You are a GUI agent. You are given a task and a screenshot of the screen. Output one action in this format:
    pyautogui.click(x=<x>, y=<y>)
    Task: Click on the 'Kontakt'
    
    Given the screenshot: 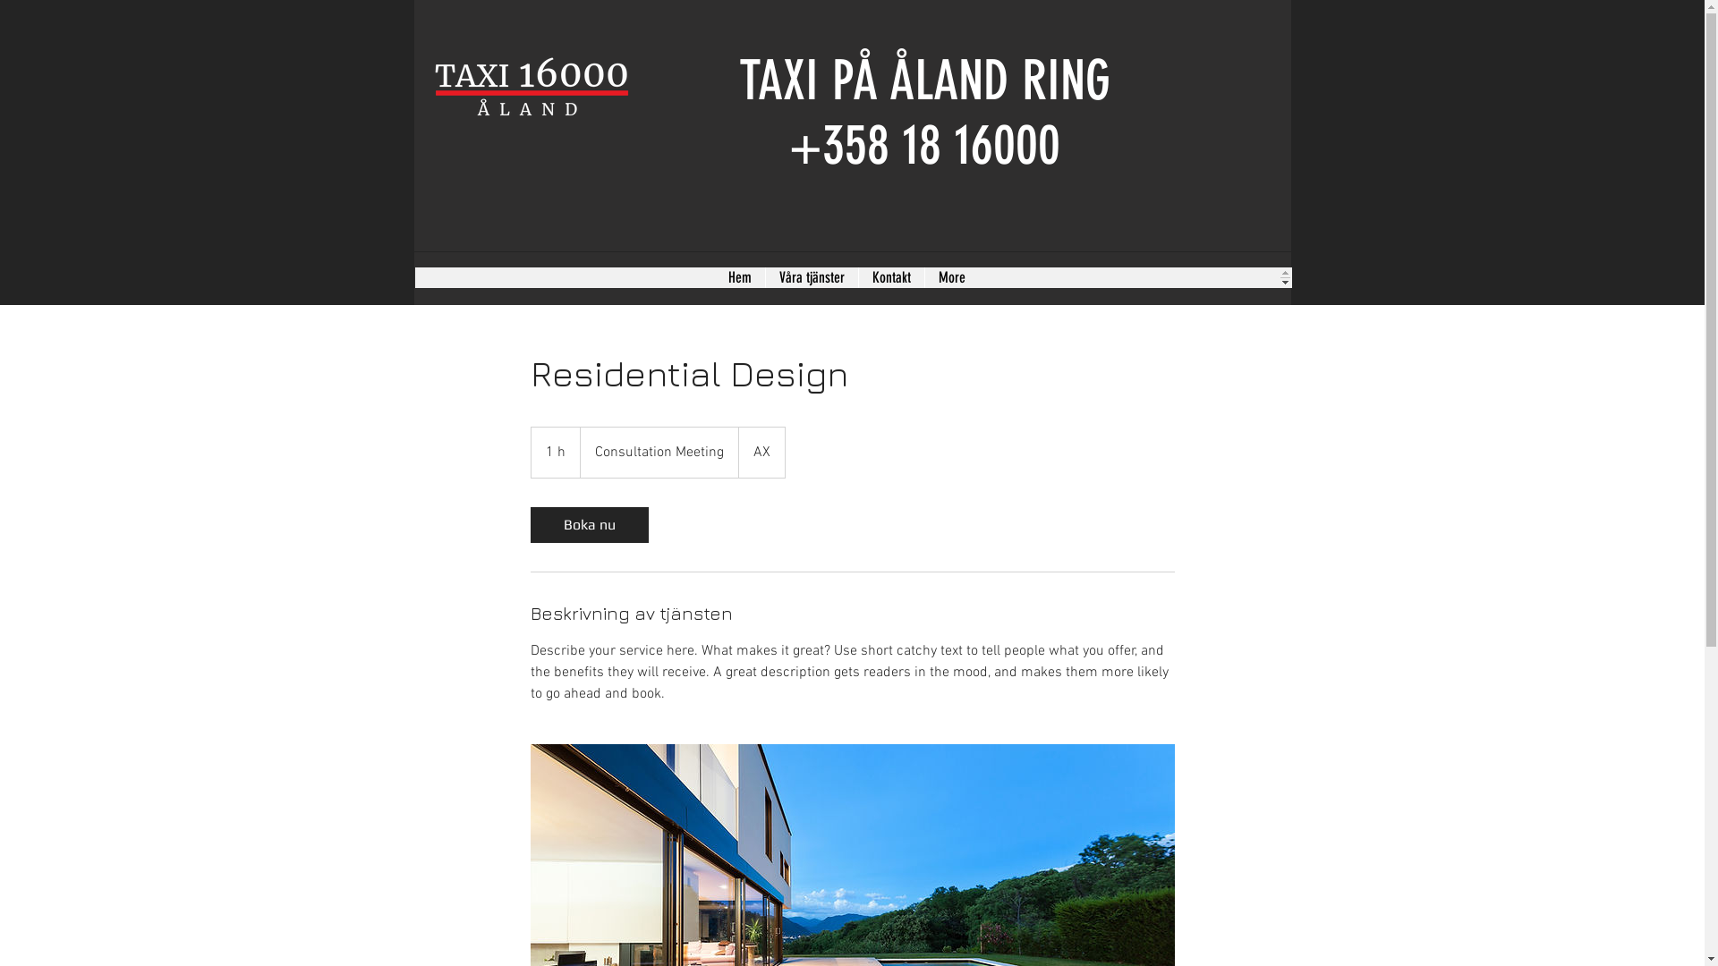 What is the action you would take?
    pyautogui.click(x=889, y=277)
    